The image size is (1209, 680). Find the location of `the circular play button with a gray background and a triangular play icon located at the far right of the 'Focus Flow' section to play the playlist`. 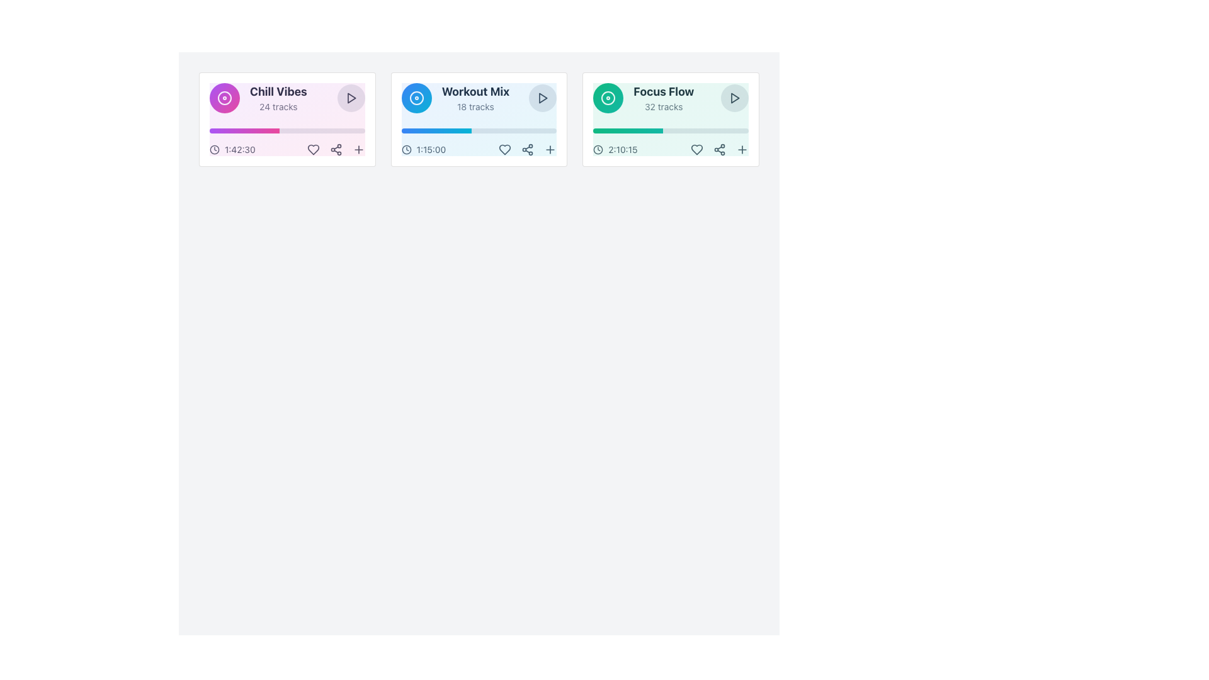

the circular play button with a gray background and a triangular play icon located at the far right of the 'Focus Flow' section to play the playlist is located at coordinates (734, 97).